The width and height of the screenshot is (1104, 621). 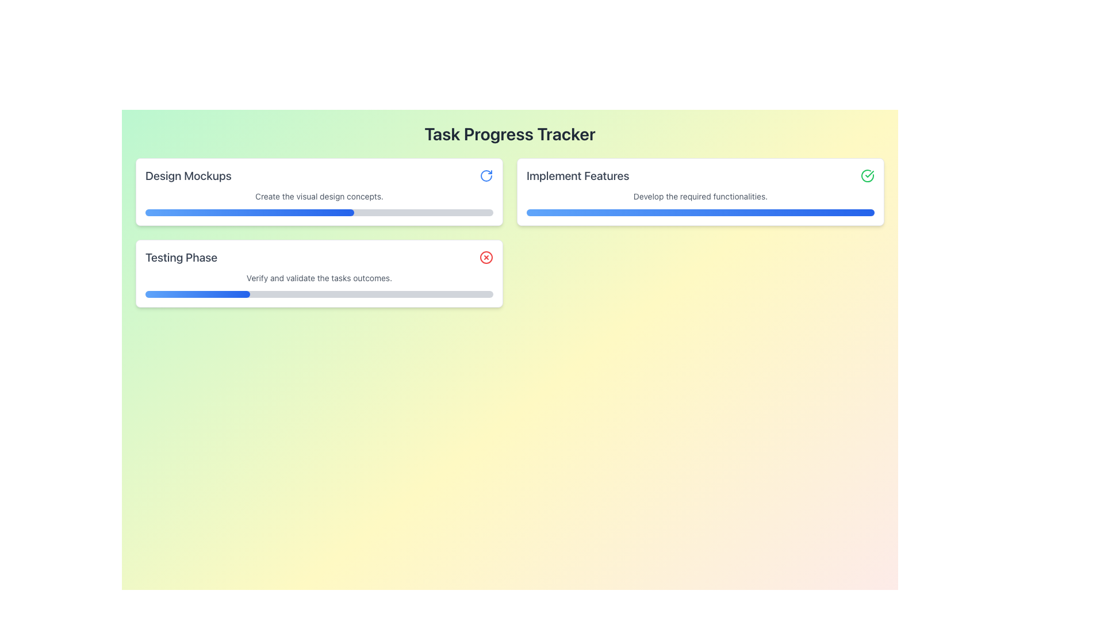 What do you see at coordinates (249, 213) in the screenshot?
I see `the Progress bar located beneath the 'Design Mockups' section, which is a horizontally elongated bar filled with a gradient from blue to lighter shades of blue within a gray bar` at bounding box center [249, 213].